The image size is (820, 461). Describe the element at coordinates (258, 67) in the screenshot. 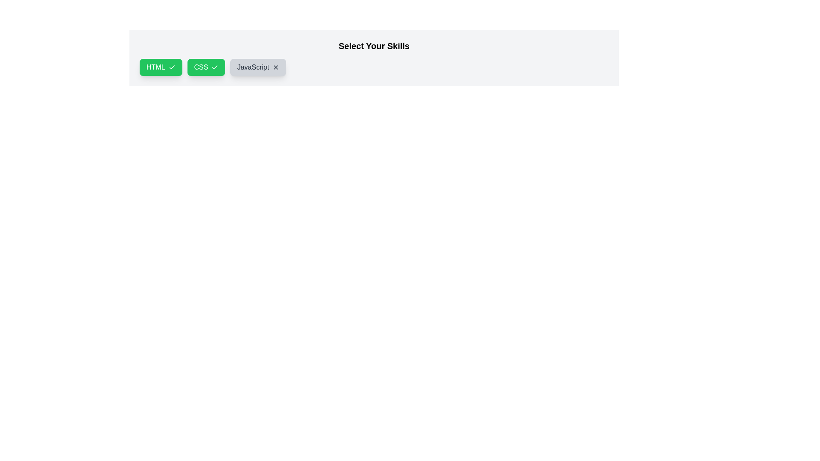

I see `the chip labeled JavaScript` at that location.